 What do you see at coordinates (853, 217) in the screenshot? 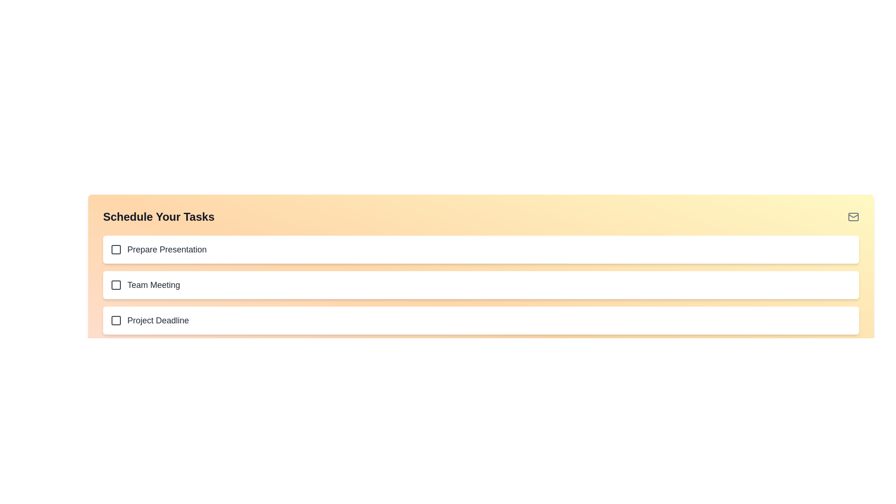
I see `the email icon located in the top-right corner of the 'Schedule Your Tasks' section` at bounding box center [853, 217].